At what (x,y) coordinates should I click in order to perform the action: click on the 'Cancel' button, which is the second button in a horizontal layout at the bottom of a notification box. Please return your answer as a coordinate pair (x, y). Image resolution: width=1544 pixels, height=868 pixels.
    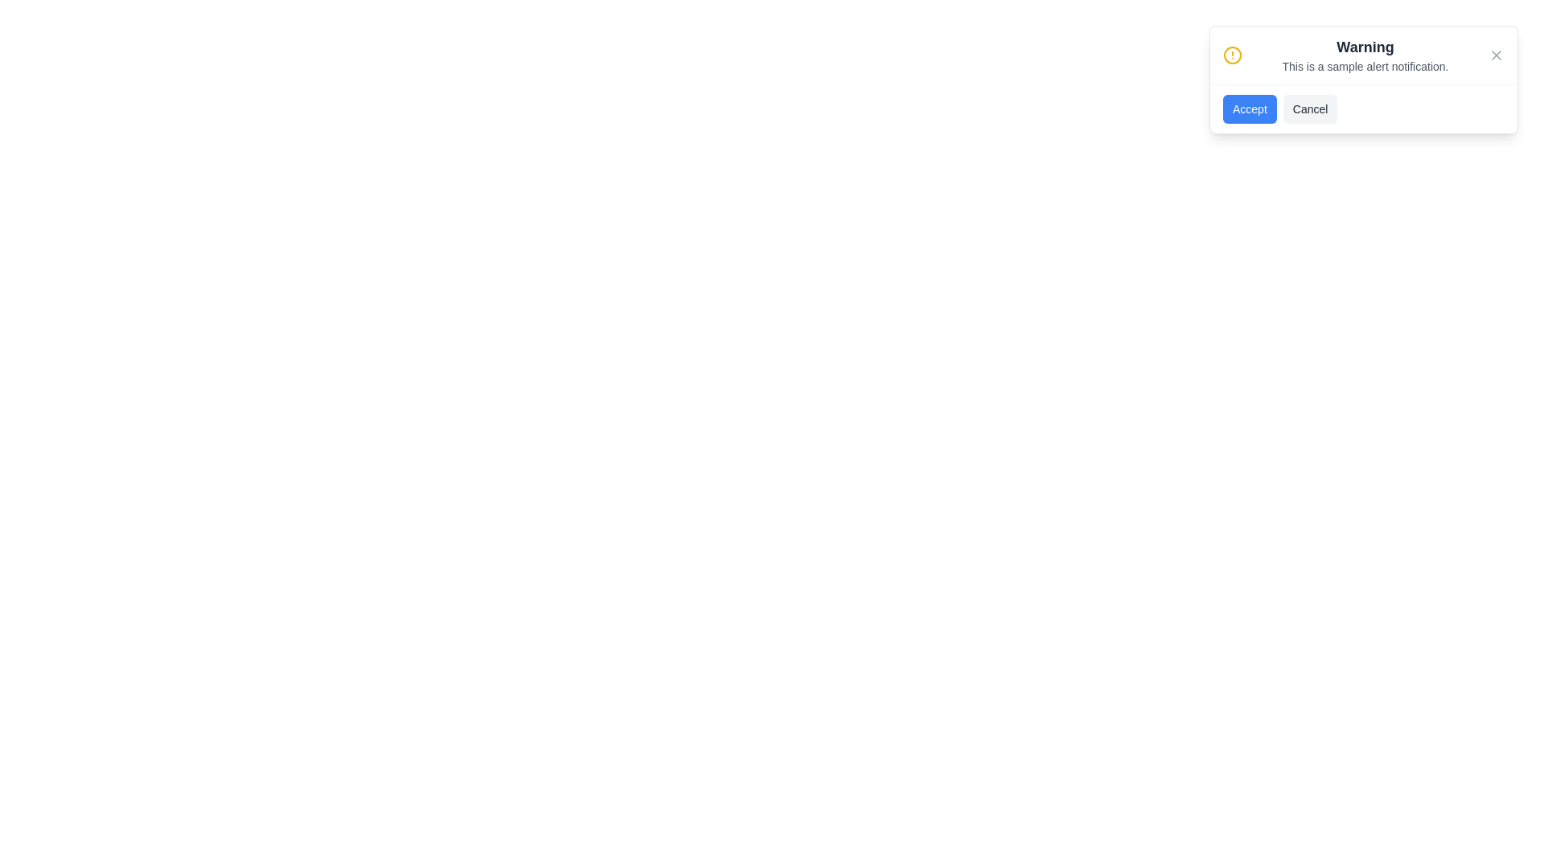
    Looking at the image, I should click on (1310, 108).